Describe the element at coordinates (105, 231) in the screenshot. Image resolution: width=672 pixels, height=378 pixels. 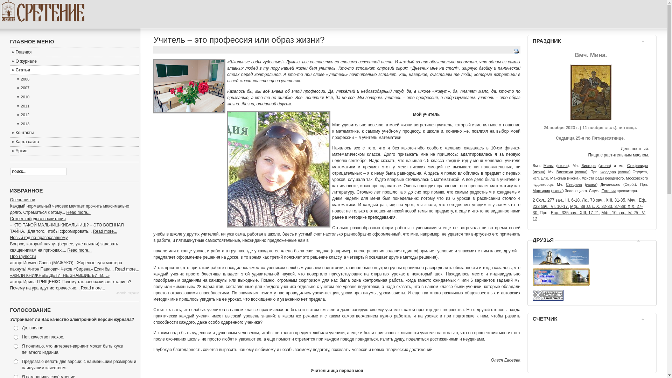
I see `'Read more...'` at that location.